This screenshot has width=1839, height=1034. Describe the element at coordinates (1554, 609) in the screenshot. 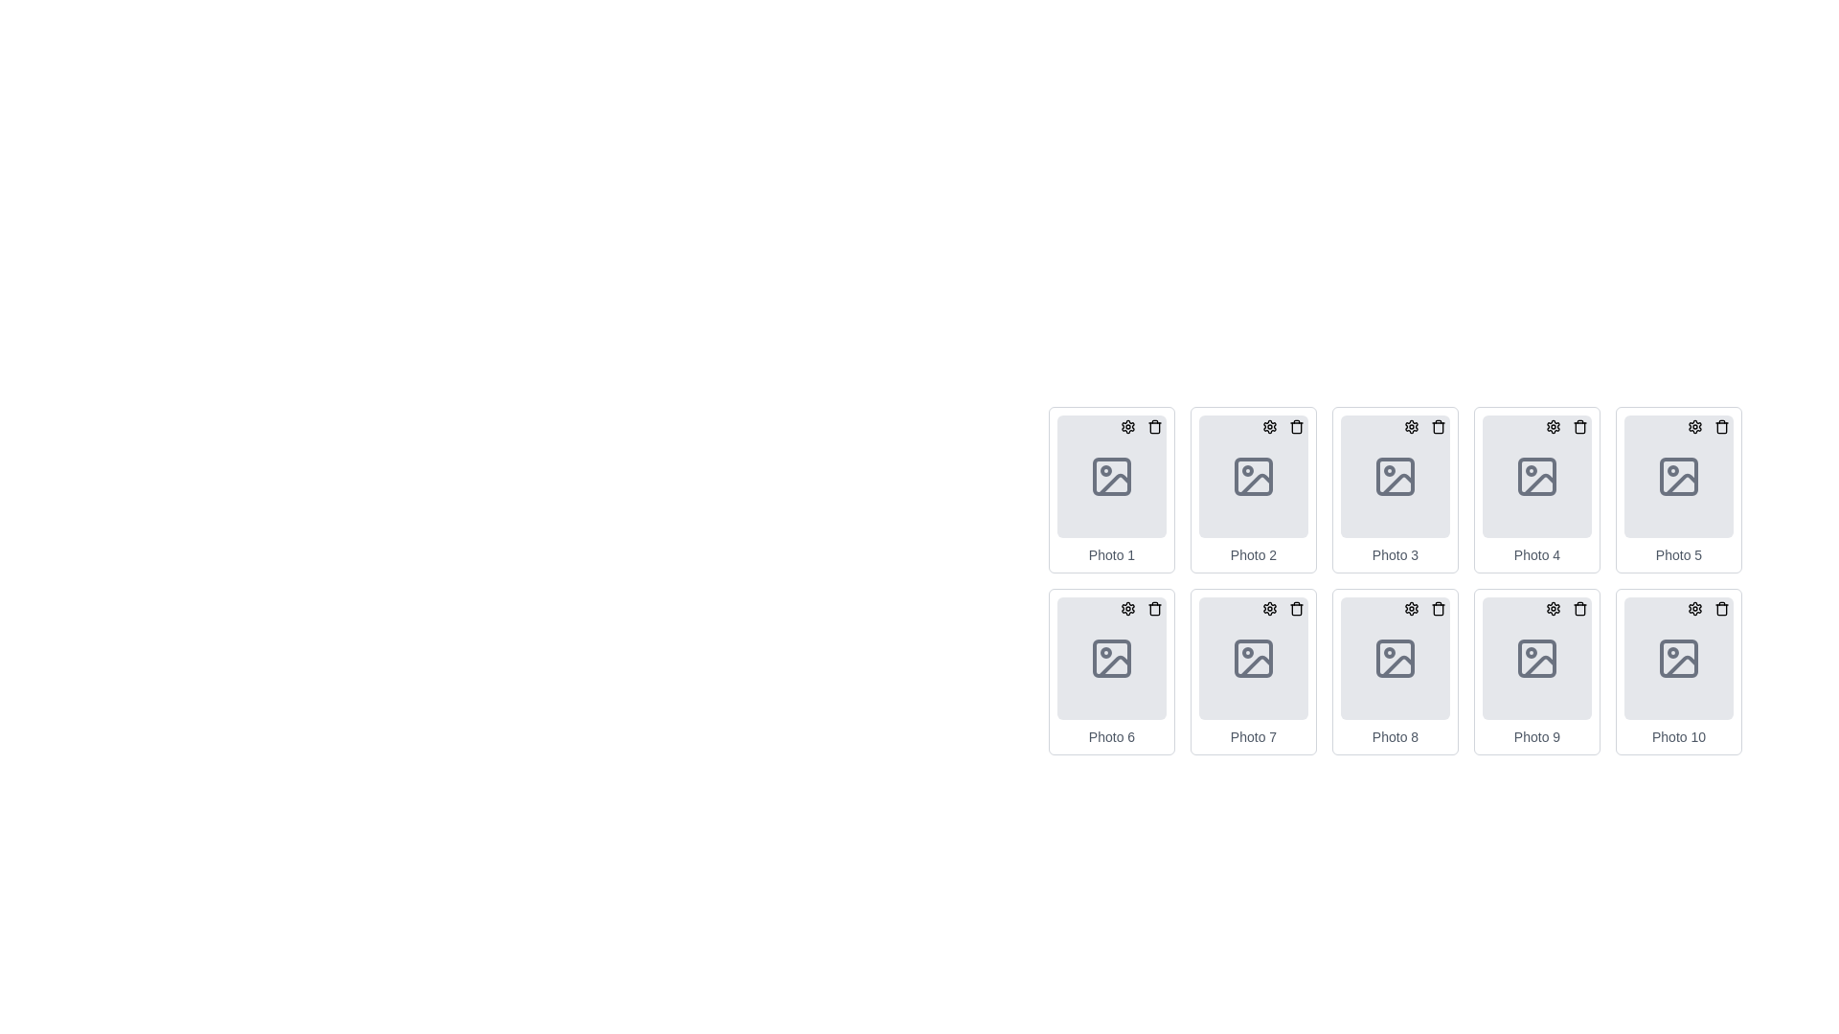

I see `the settings button located at the top-right corner of the 'Photo 9' card to observe the highlight effect` at that location.